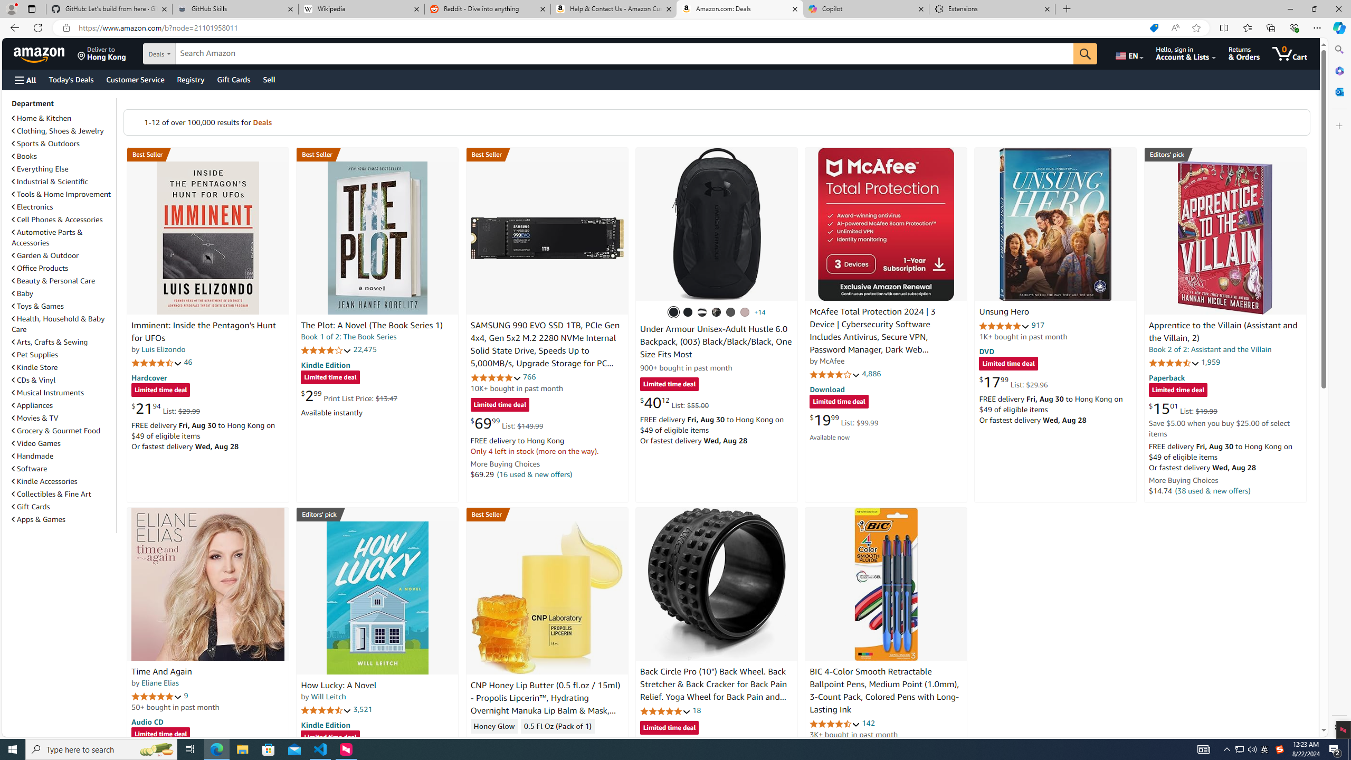 This screenshot has height=760, width=1351. Describe the element at coordinates (45, 143) in the screenshot. I see `'Sports & Outdoors'` at that location.